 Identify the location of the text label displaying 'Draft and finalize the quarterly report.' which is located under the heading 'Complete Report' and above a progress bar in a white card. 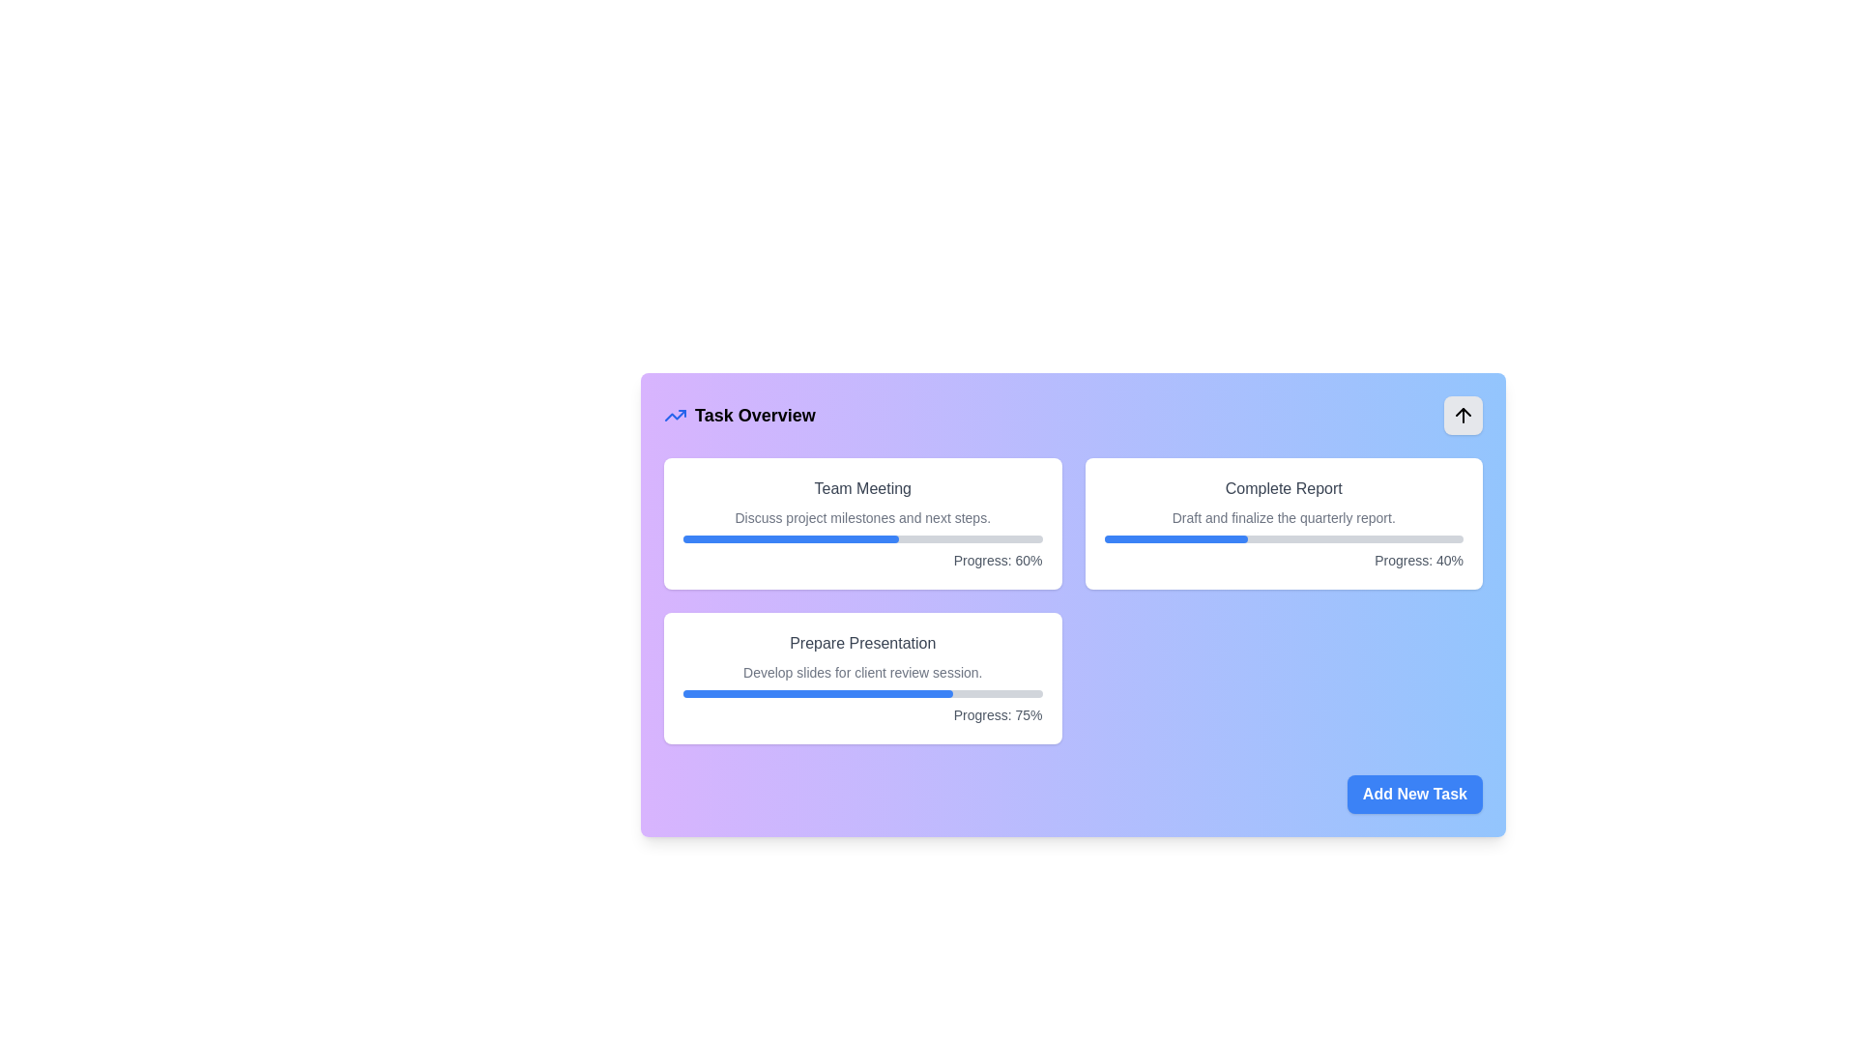
(1284, 517).